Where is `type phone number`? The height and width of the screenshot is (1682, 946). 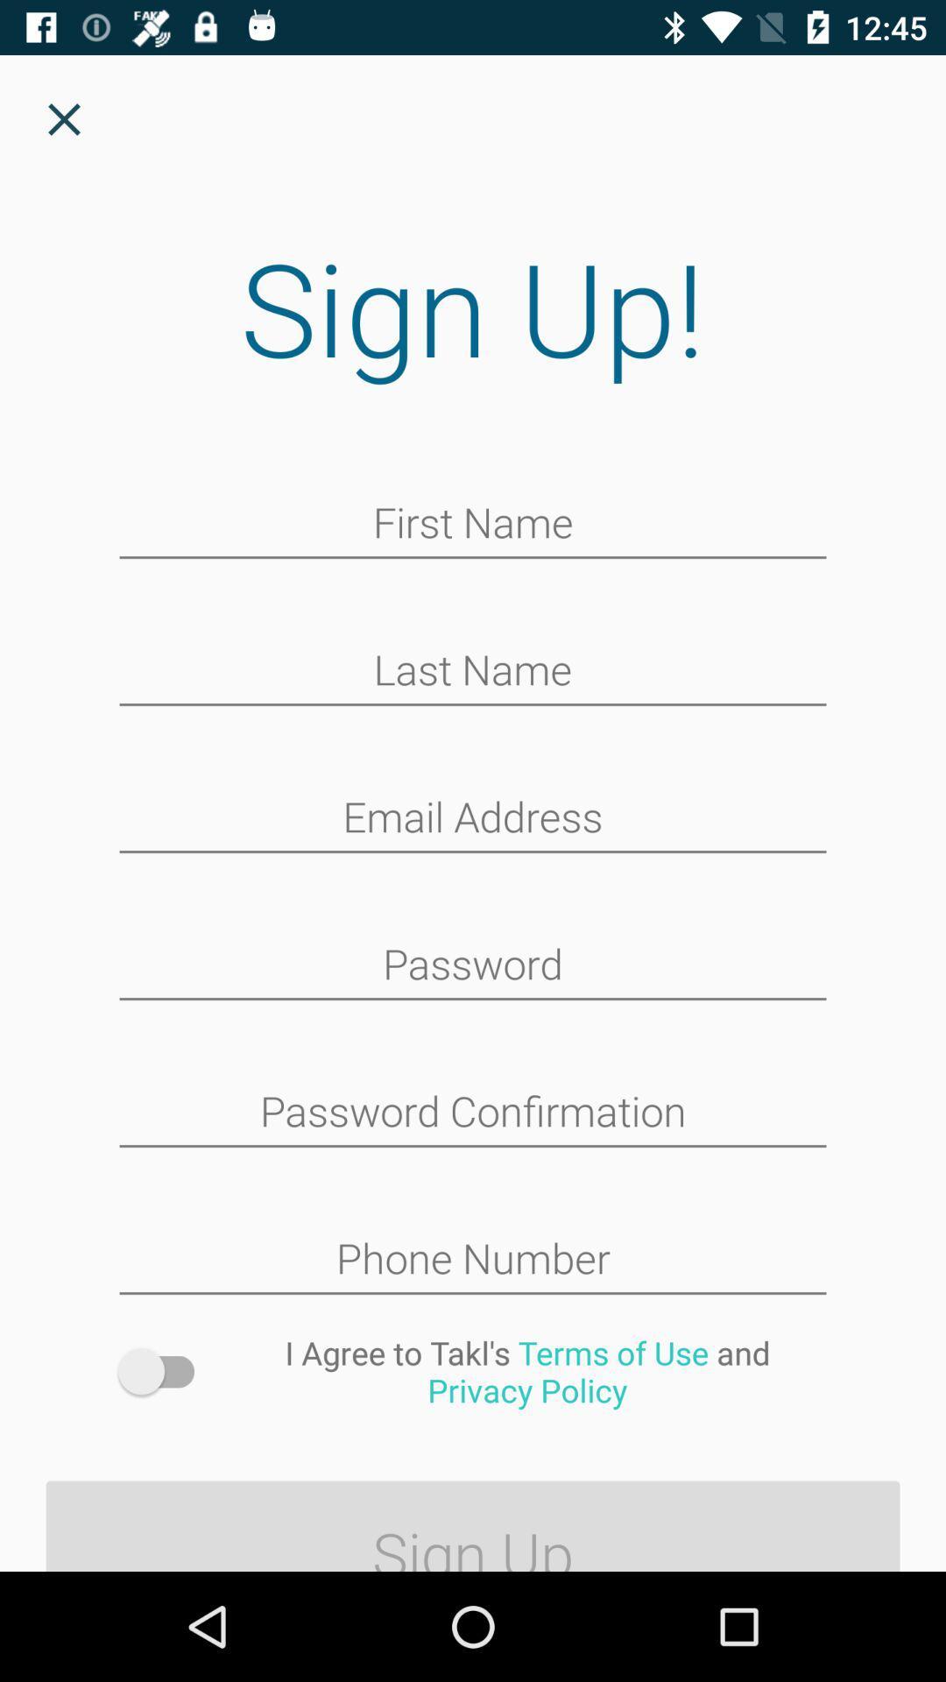
type phone number is located at coordinates (473, 1260).